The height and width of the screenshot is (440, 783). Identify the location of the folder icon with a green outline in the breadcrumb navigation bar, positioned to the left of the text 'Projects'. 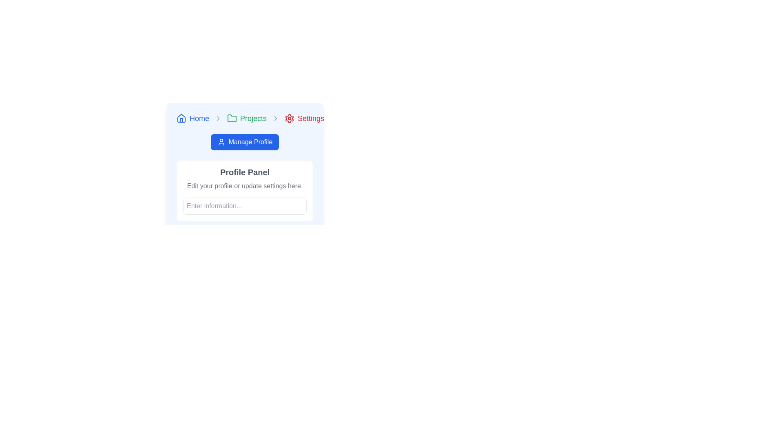
(232, 118).